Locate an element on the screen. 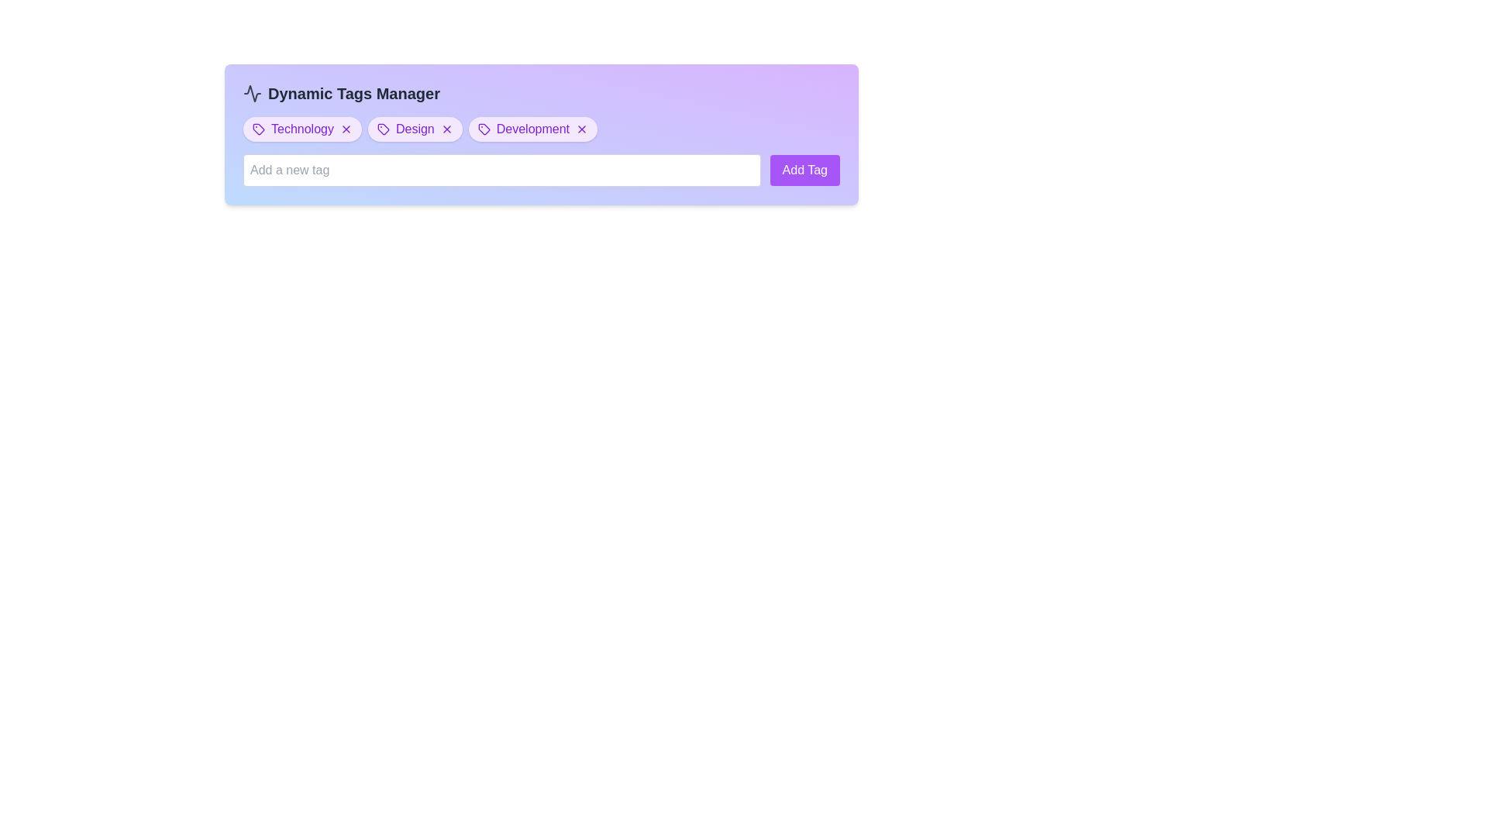 The width and height of the screenshot is (1488, 837). the label styled with a purple background and white text, which contains the icon resembling a tag and the text 'Technology' is located at coordinates (302, 128).